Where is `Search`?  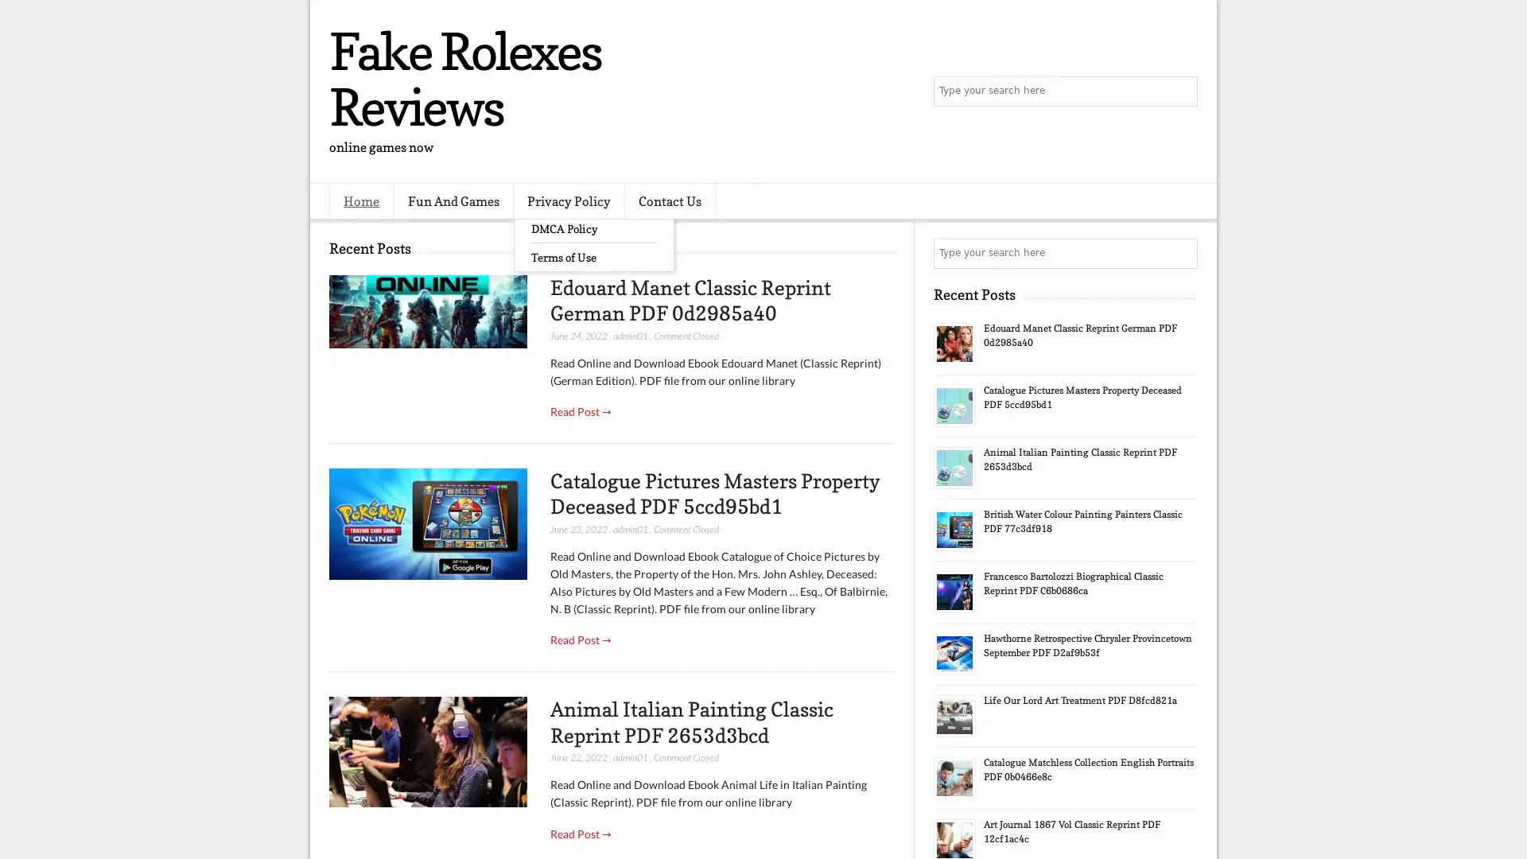 Search is located at coordinates (1181, 91).